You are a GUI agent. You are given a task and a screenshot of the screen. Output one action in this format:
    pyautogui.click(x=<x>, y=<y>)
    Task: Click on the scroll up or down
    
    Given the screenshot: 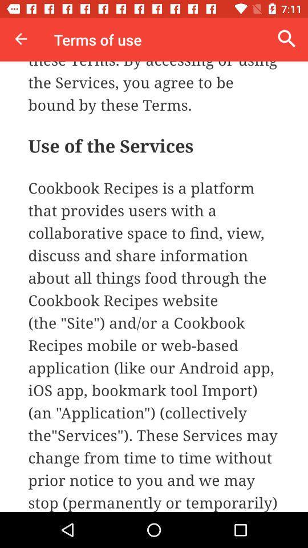 What is the action you would take?
    pyautogui.click(x=154, y=286)
    